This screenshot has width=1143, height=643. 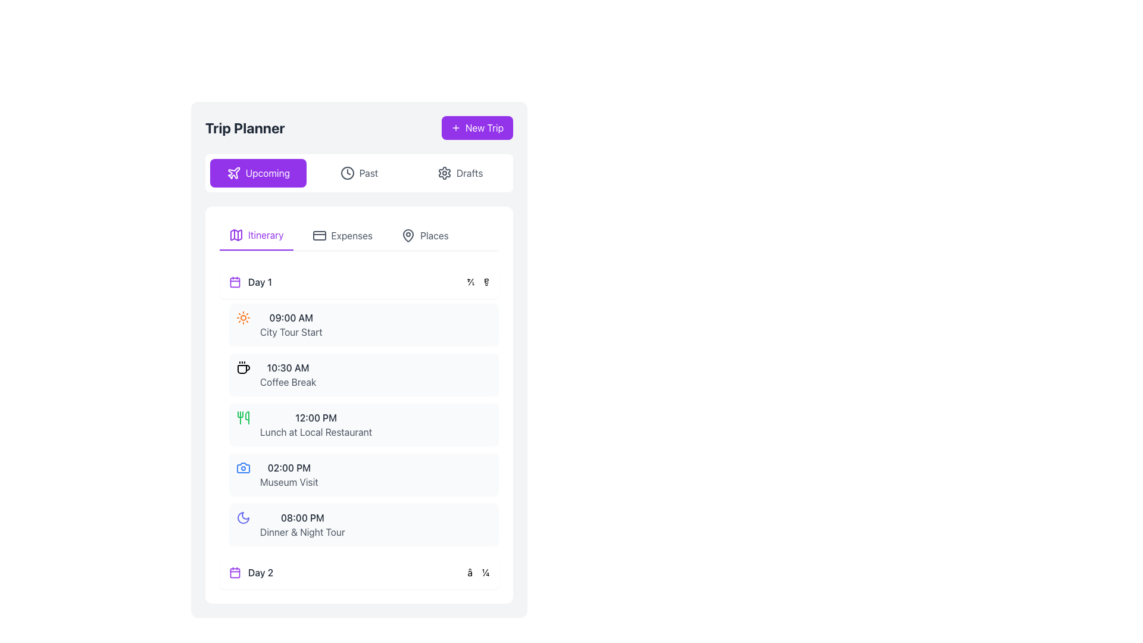 I want to click on the icon representing the 'Museum Visit' entry, which is the first icon displayed to the left of the timestamp and title text in the 'Day 1' section of the itinerary, so click(x=242, y=467).